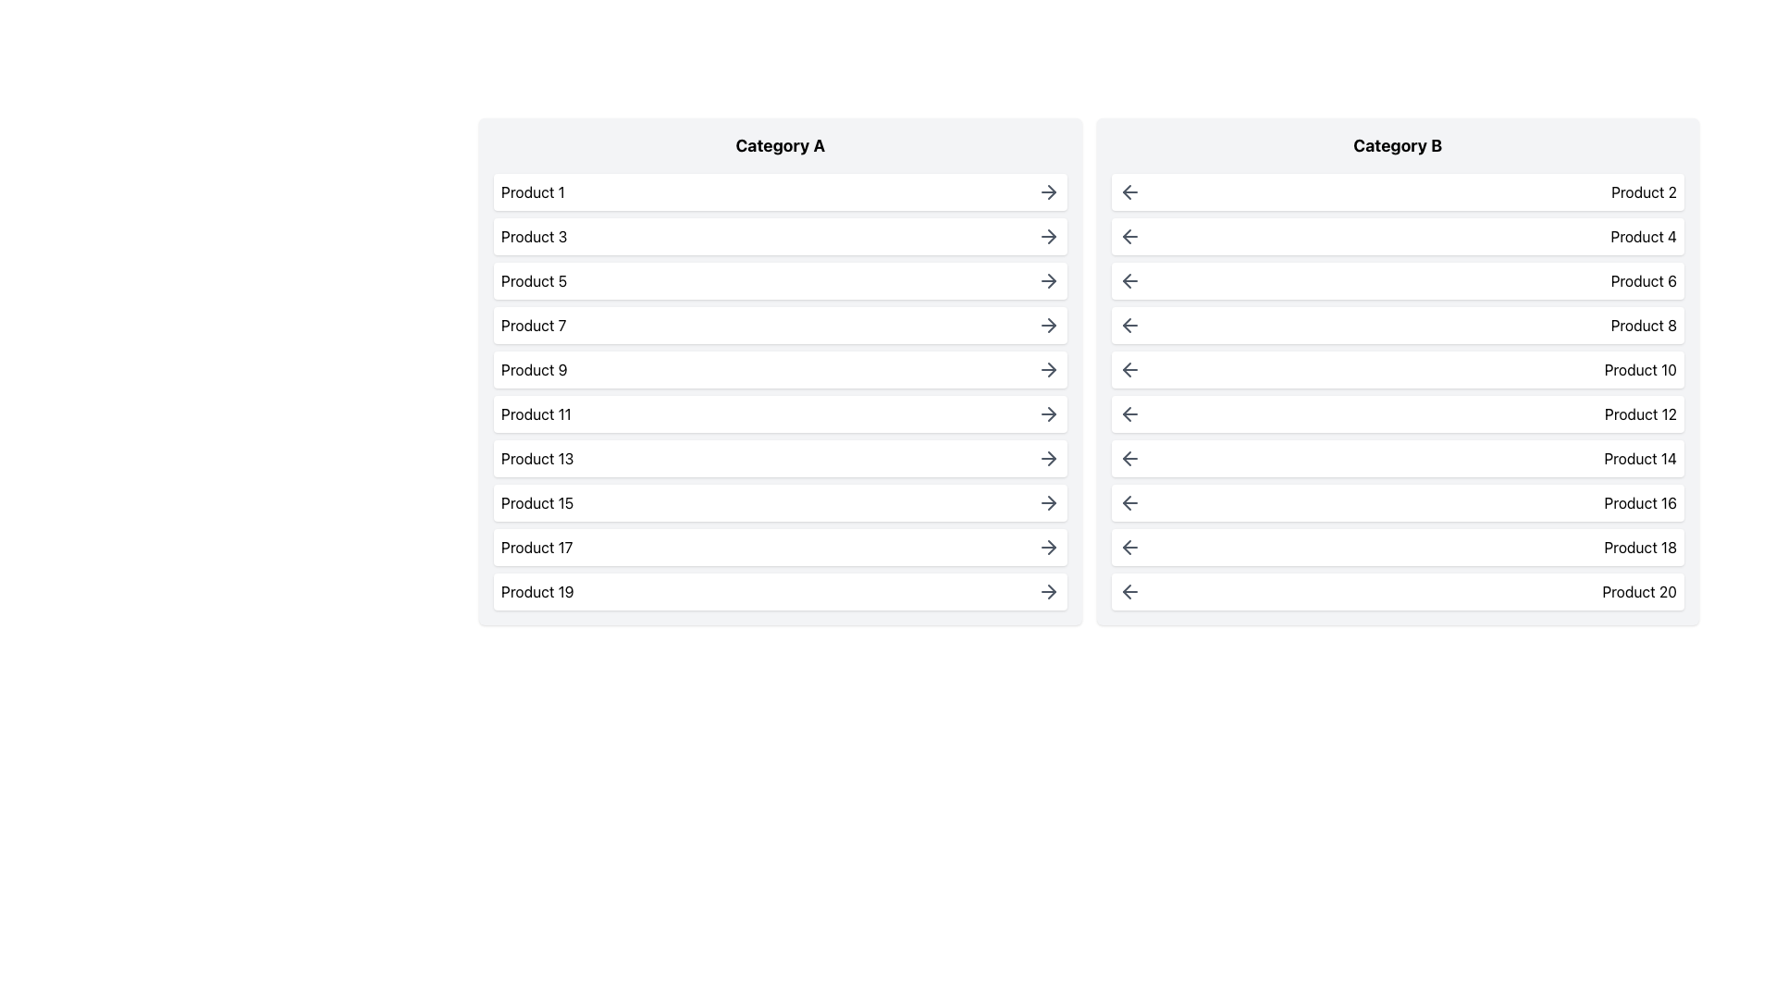 The height and width of the screenshot is (999, 1776). What do you see at coordinates (1052, 458) in the screenshot?
I see `the right-pointing arrow-shaped IconButton located in the 'Category A' column, specifically aligned with the 'Product 13' row` at bounding box center [1052, 458].